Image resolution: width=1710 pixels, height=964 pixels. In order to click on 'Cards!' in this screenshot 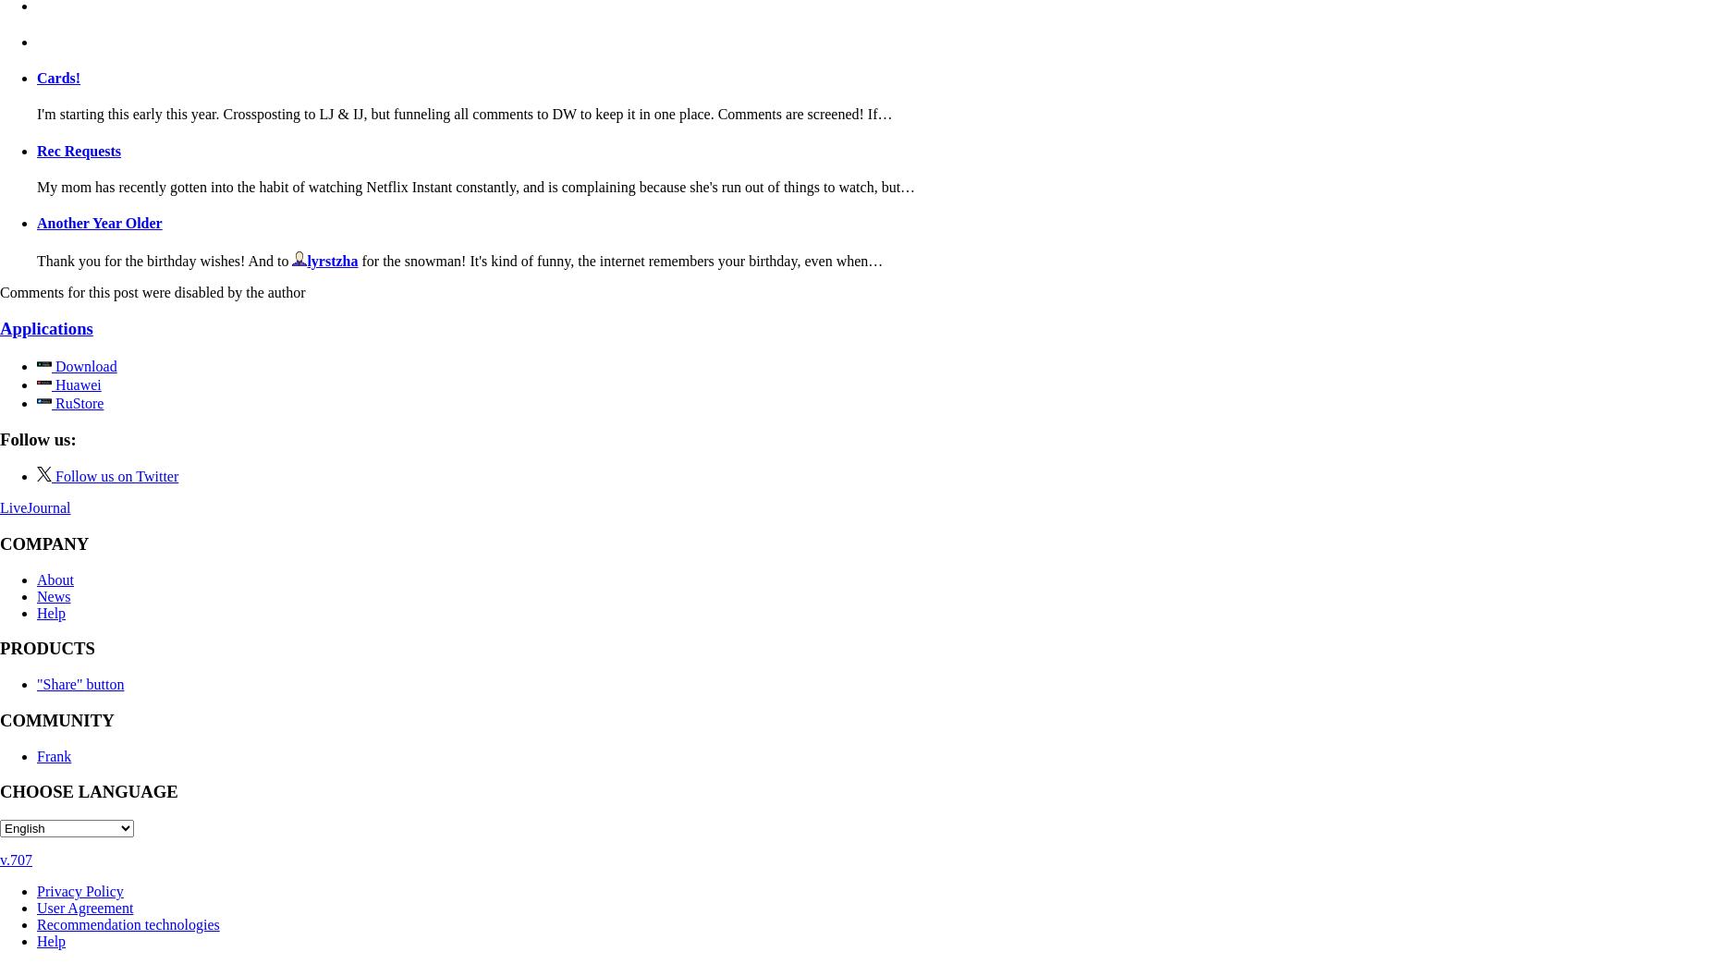, I will do `click(57, 78)`.